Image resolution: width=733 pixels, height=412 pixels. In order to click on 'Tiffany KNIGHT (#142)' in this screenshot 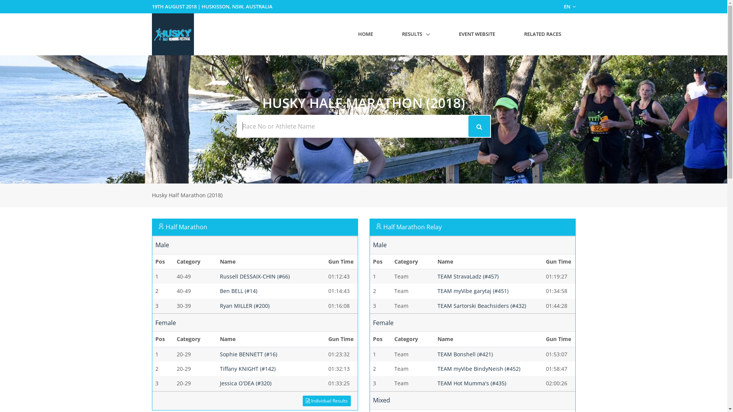, I will do `click(247, 368)`.